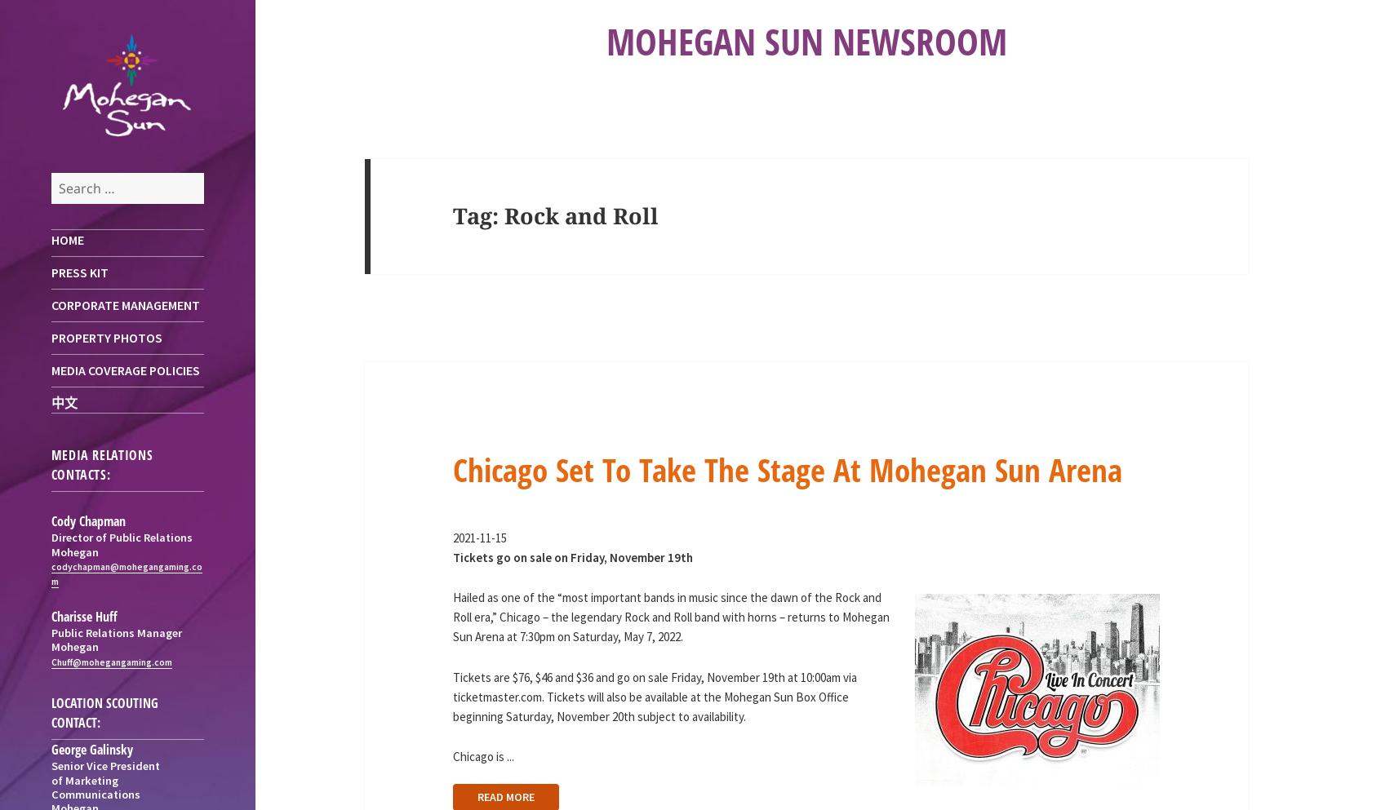  I want to click on 'Press Kit', so click(78, 272).